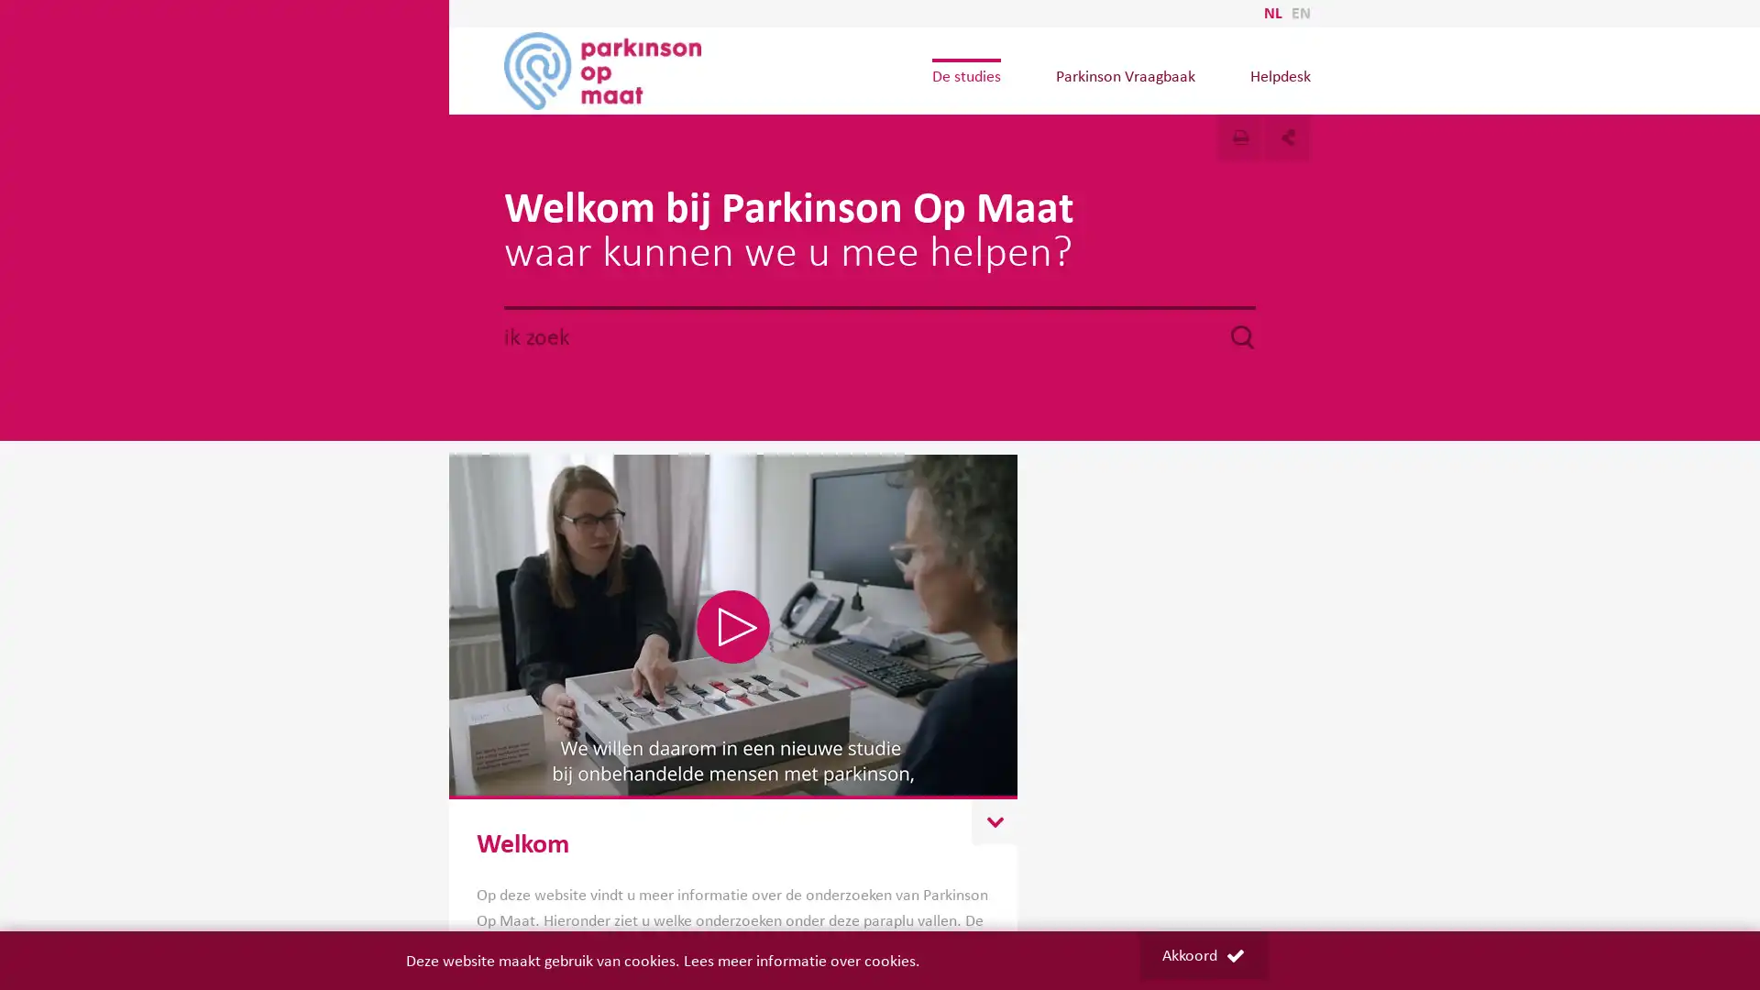  Describe the element at coordinates (1279, 75) in the screenshot. I see `Helpdesk` at that location.